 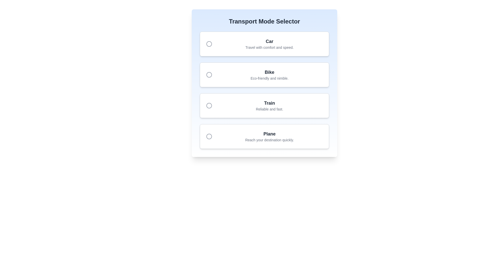 What do you see at coordinates (269, 48) in the screenshot?
I see `the descriptive text label for the 'Car' option in the 'Transport Mode Selector' interface, which provides context about comfort and speed` at bounding box center [269, 48].